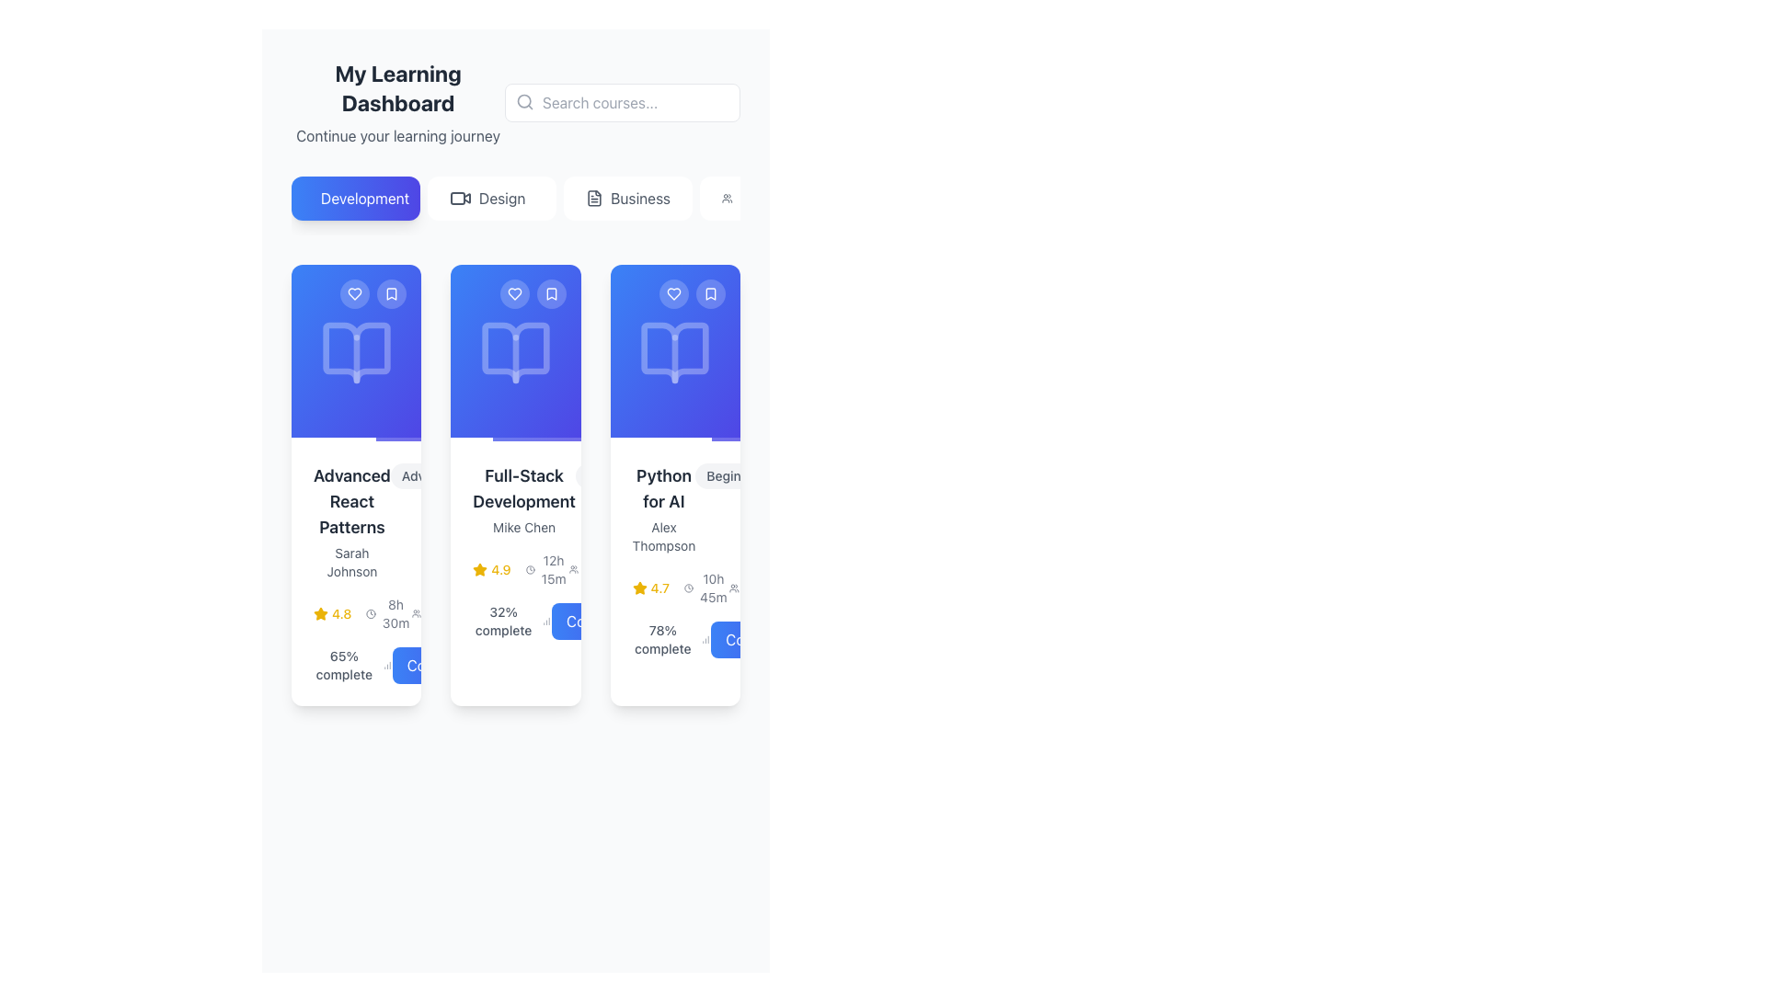 The height and width of the screenshot is (993, 1766). What do you see at coordinates (512, 621) in the screenshot?
I see `progress percentage text for the course 'Full-Stack Development' located below the course's rating and duration details in the details panel` at bounding box center [512, 621].